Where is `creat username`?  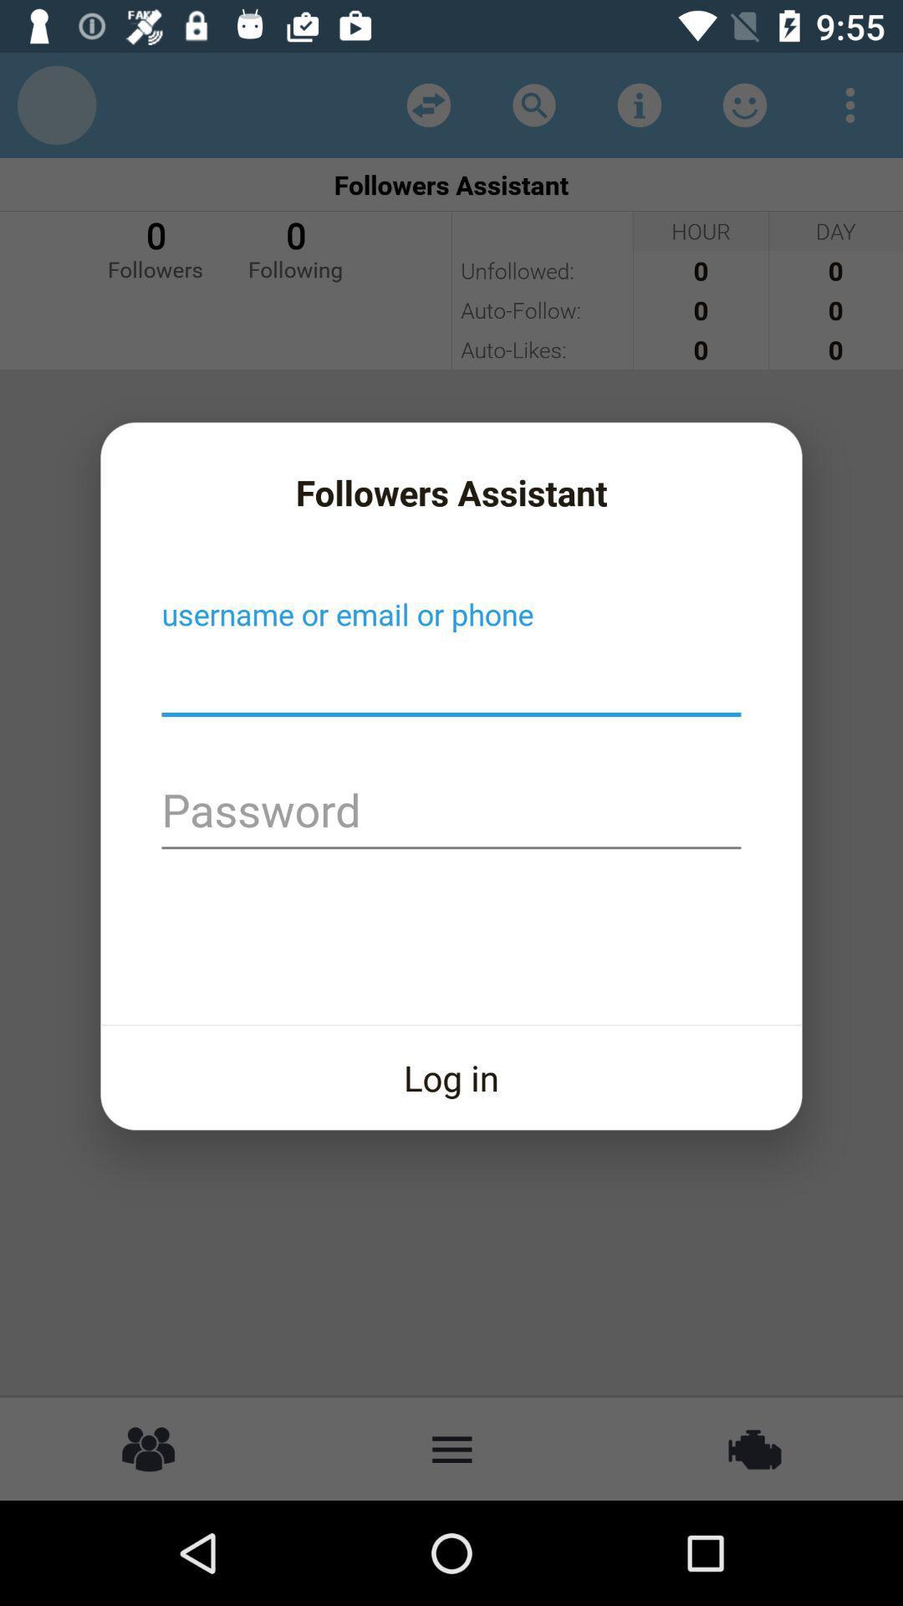
creat username is located at coordinates (451, 678).